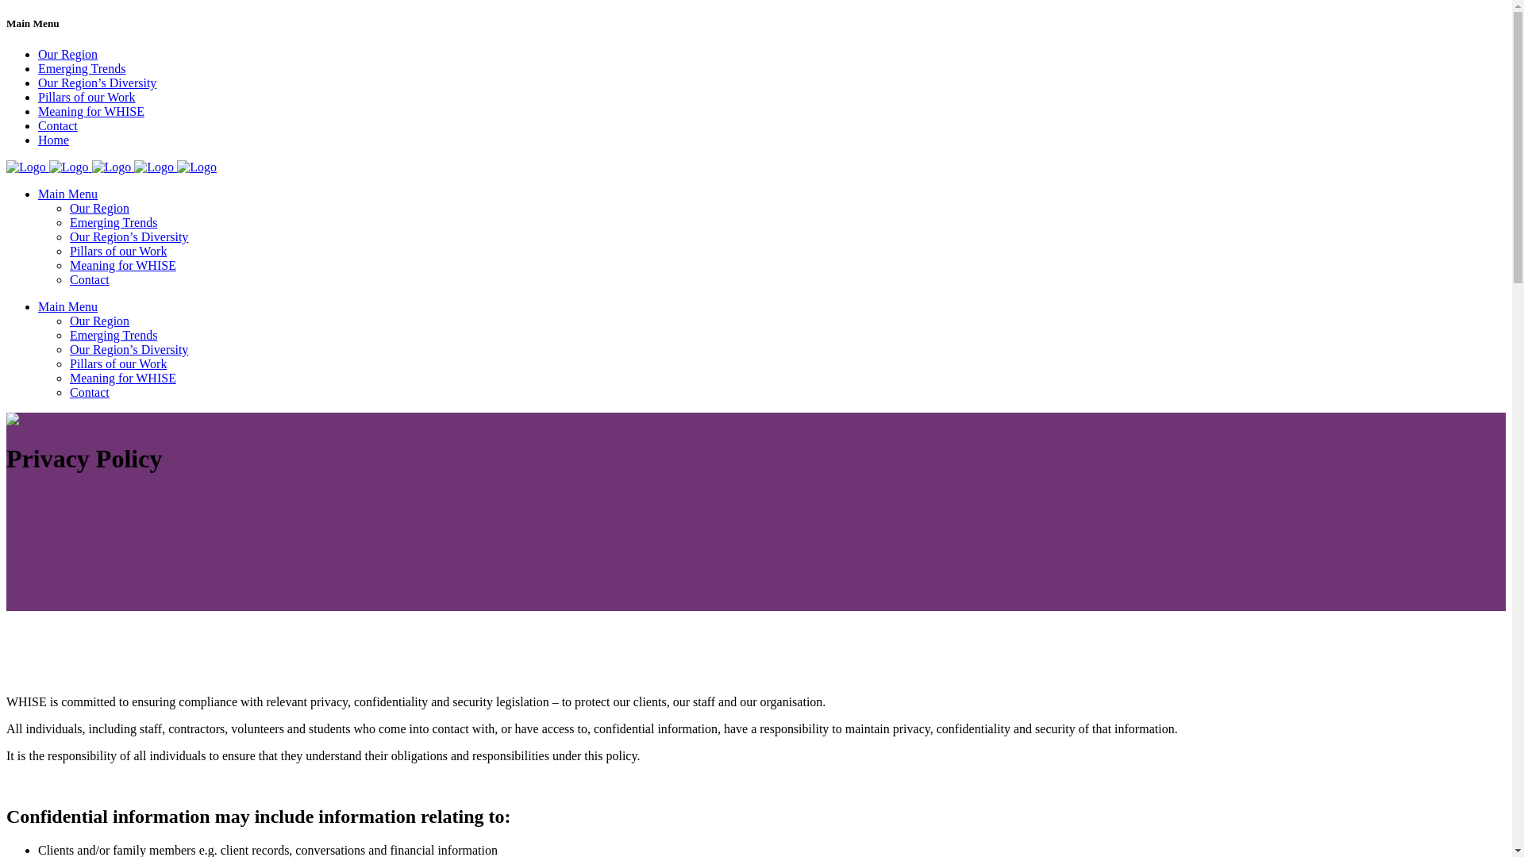 Image resolution: width=1524 pixels, height=857 pixels. Describe the element at coordinates (98, 207) in the screenshot. I see `'Our Region'` at that location.